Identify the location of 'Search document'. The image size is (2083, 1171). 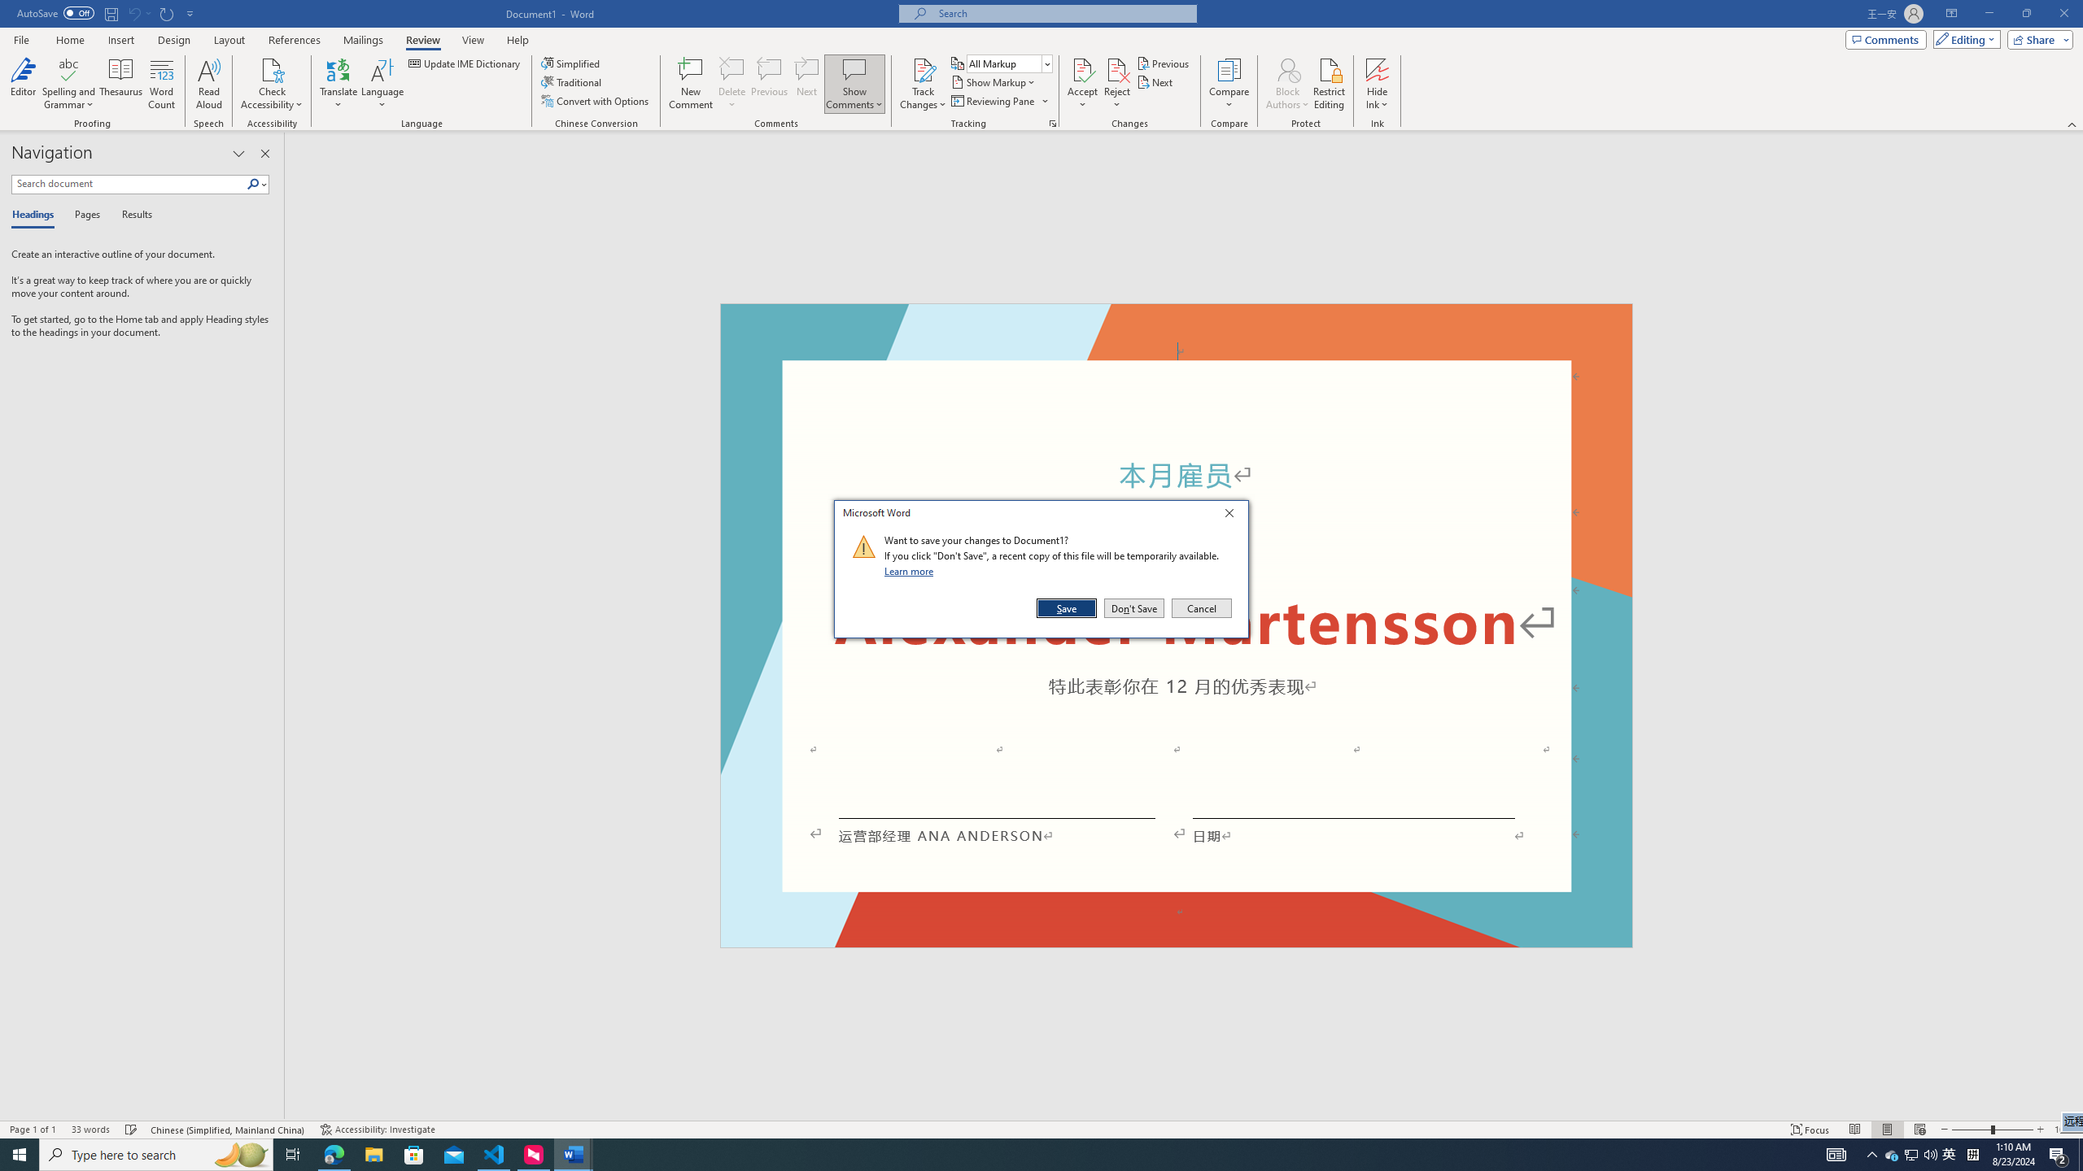
(129, 183).